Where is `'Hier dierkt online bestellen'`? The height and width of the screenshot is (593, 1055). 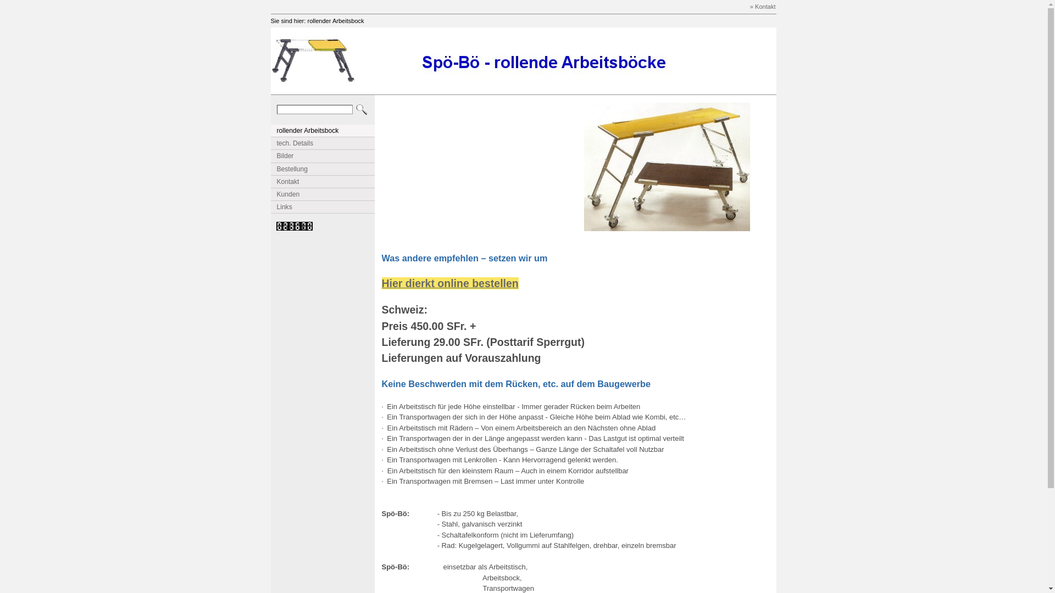 'Hier dierkt online bestellen' is located at coordinates (449, 282).